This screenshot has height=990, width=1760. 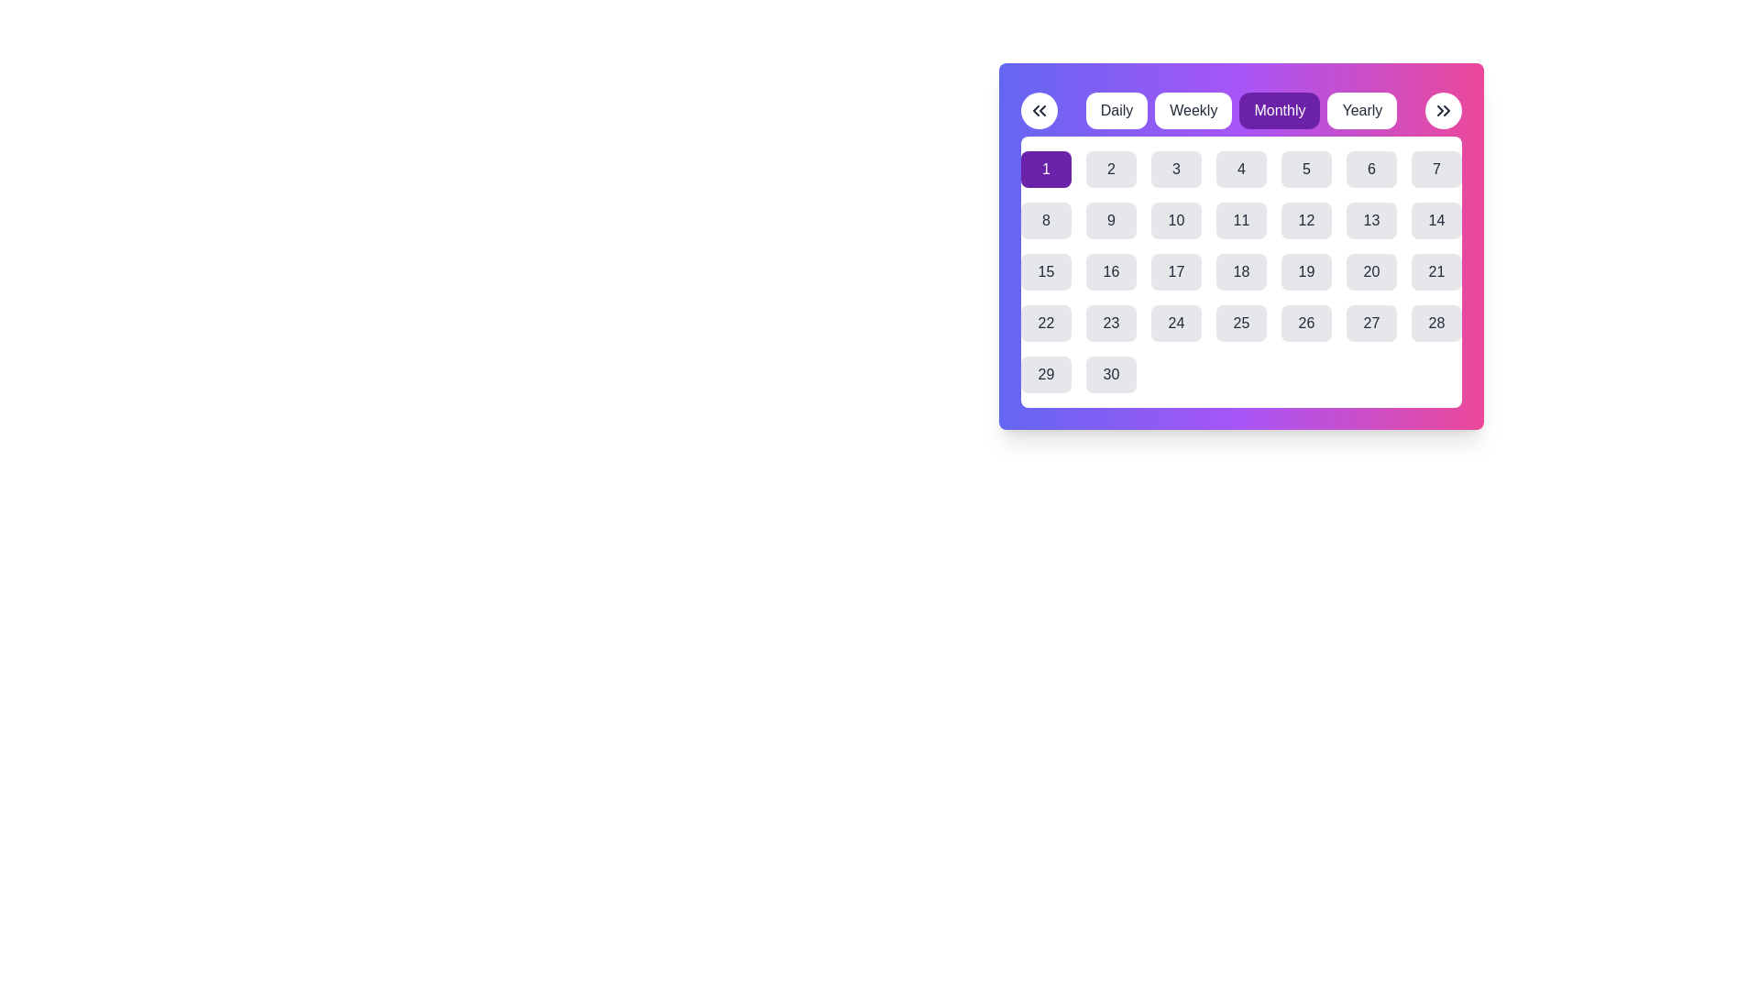 I want to click on the date button '13' in the calendar interface, so click(x=1371, y=219).